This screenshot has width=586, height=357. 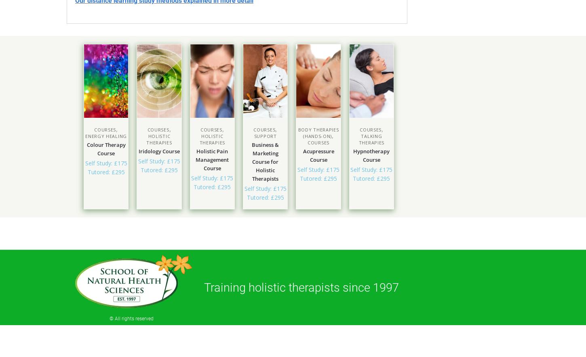 What do you see at coordinates (158, 150) in the screenshot?
I see `'Iridology Course'` at bounding box center [158, 150].